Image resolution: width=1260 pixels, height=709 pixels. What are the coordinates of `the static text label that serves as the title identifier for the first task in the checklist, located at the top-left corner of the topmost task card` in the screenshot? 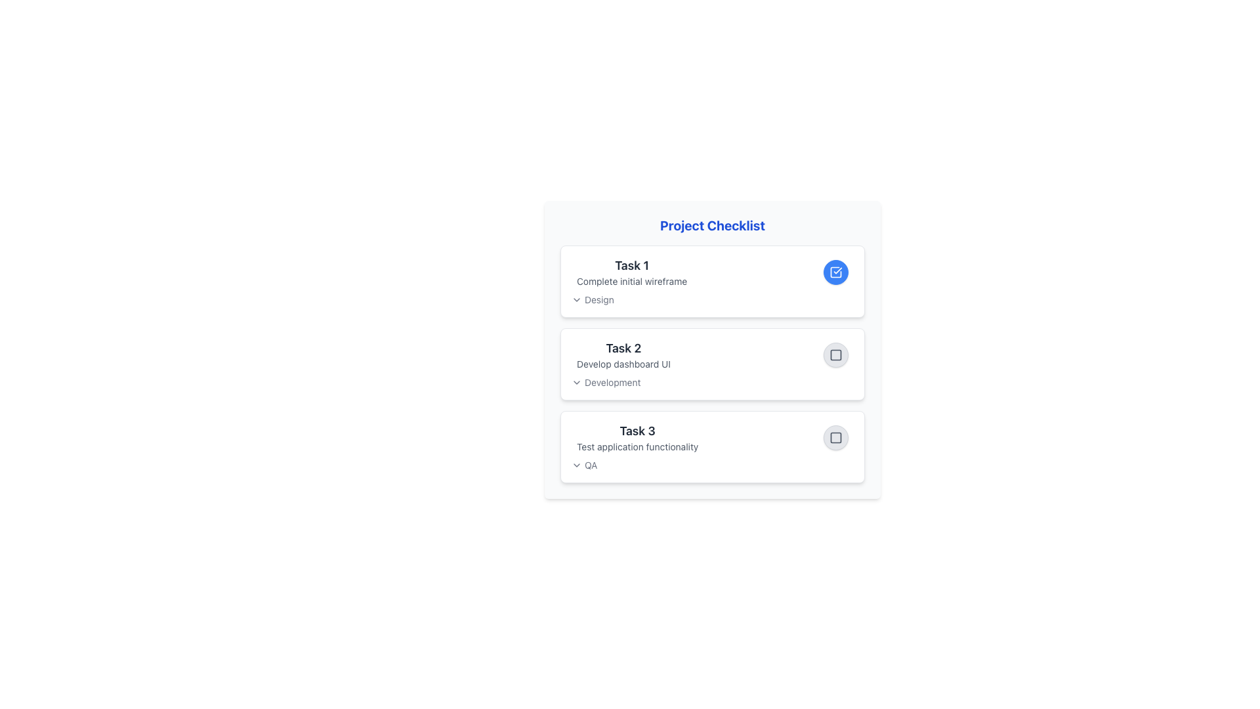 It's located at (632, 265).